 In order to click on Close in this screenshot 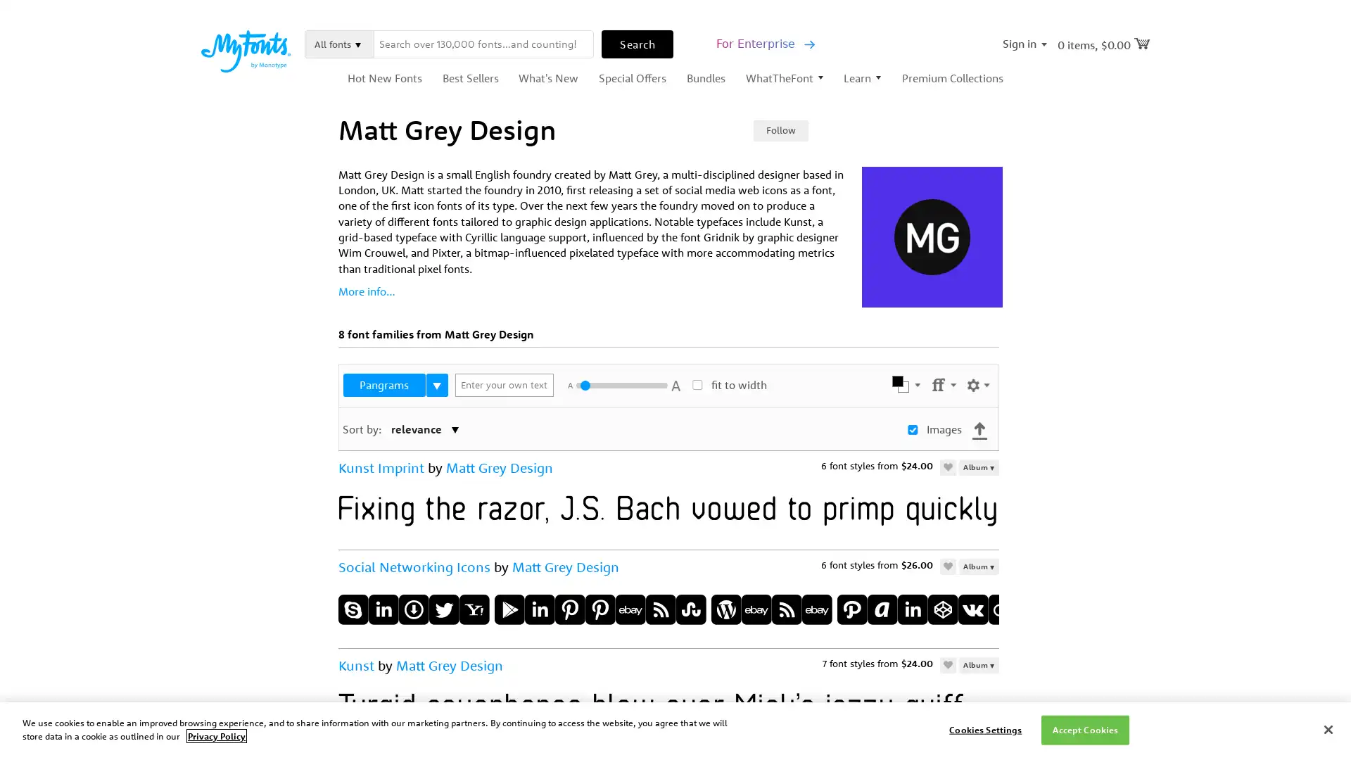, I will do `click(1327, 728)`.